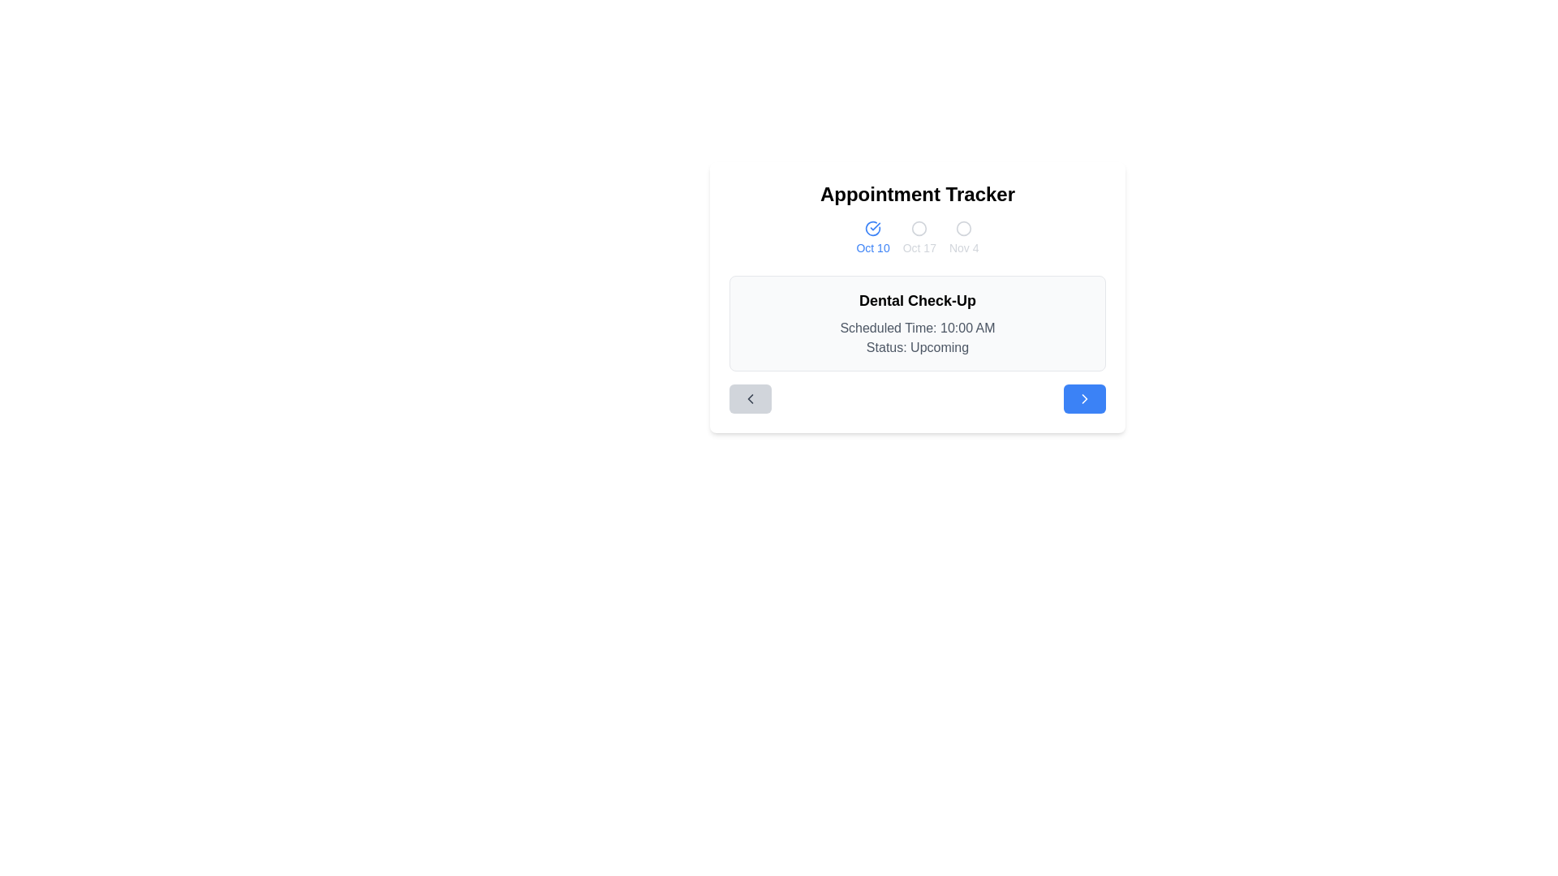  I want to click on the blue circular icon with a checkmark above the text 'Oct 10', so click(872, 238).